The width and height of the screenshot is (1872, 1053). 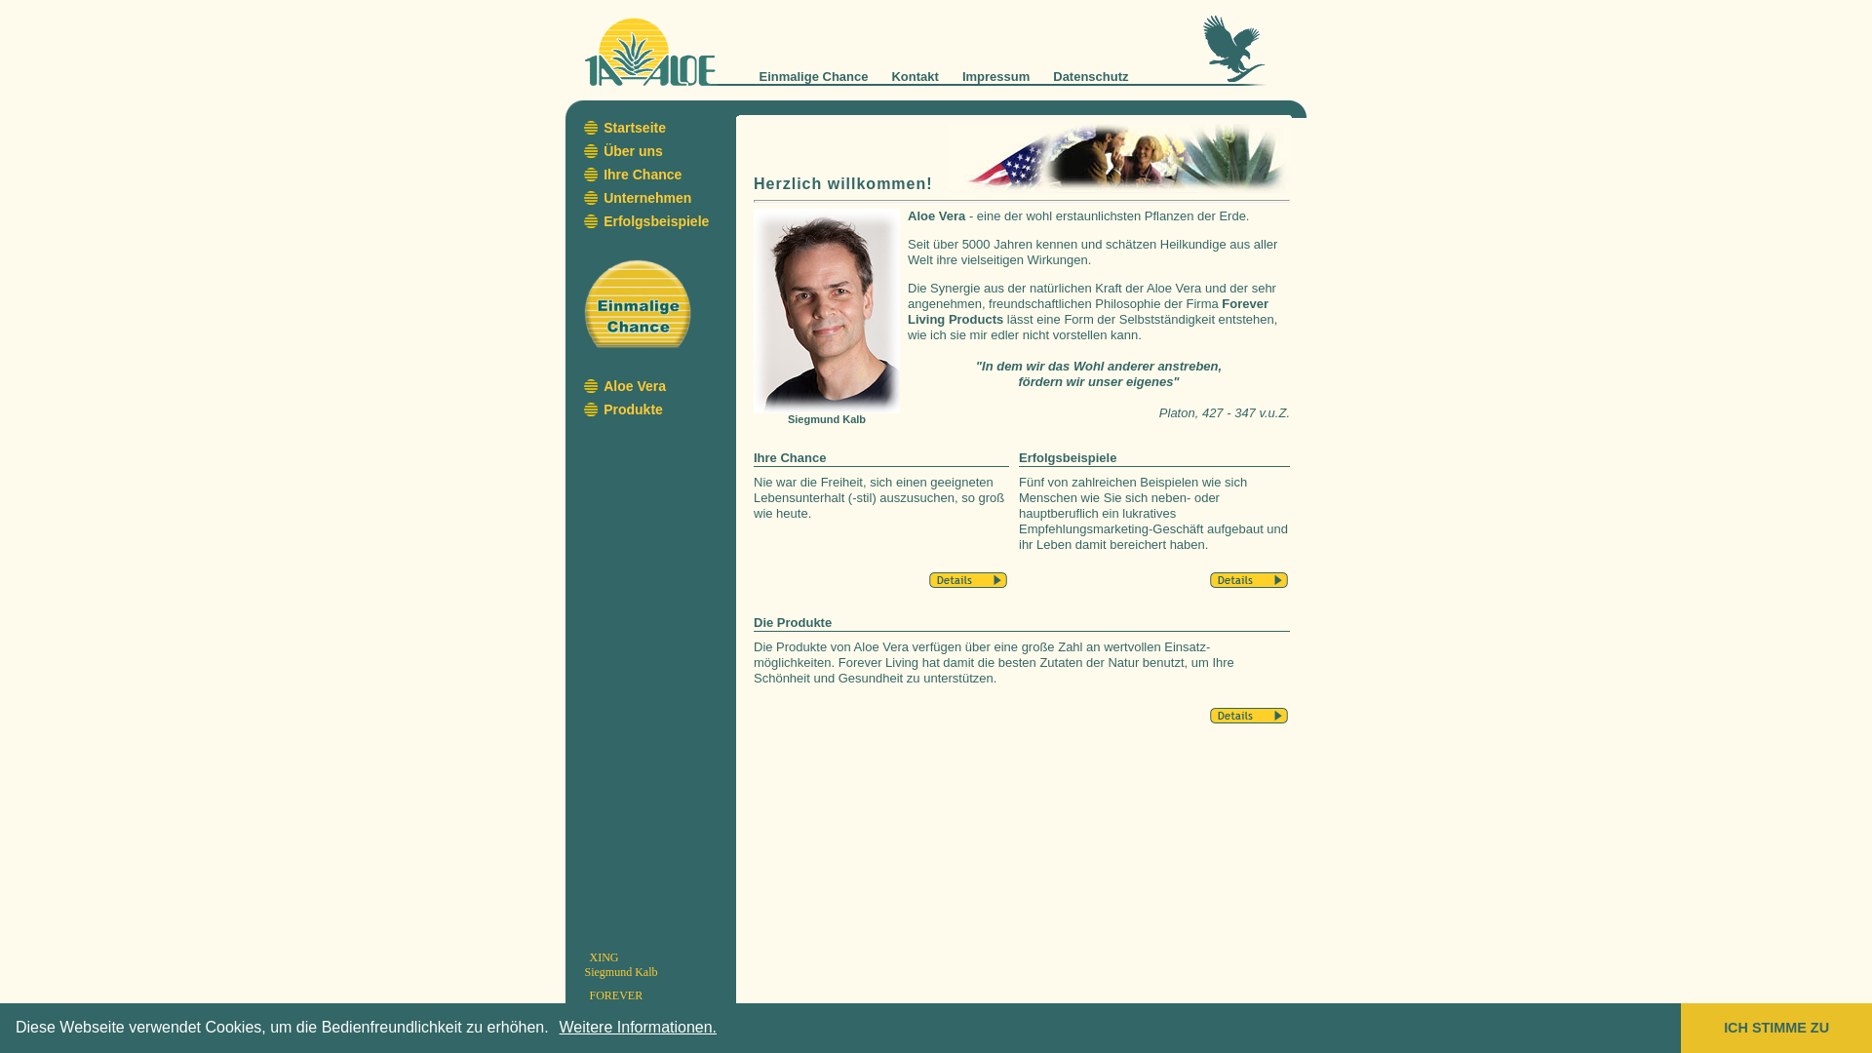 I want to click on 'Weitere Informationen.', so click(x=638, y=1026).